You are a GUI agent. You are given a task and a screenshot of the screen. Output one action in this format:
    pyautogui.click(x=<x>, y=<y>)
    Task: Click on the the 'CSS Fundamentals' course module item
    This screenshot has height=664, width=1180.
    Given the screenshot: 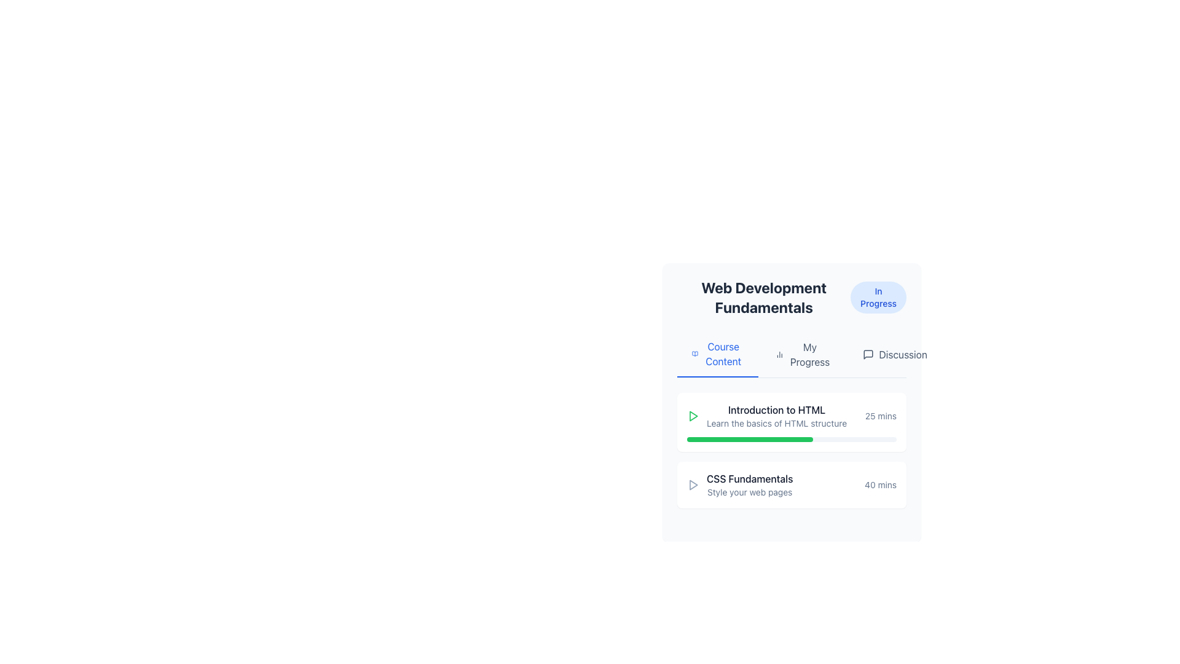 What is the action you would take?
    pyautogui.click(x=739, y=484)
    